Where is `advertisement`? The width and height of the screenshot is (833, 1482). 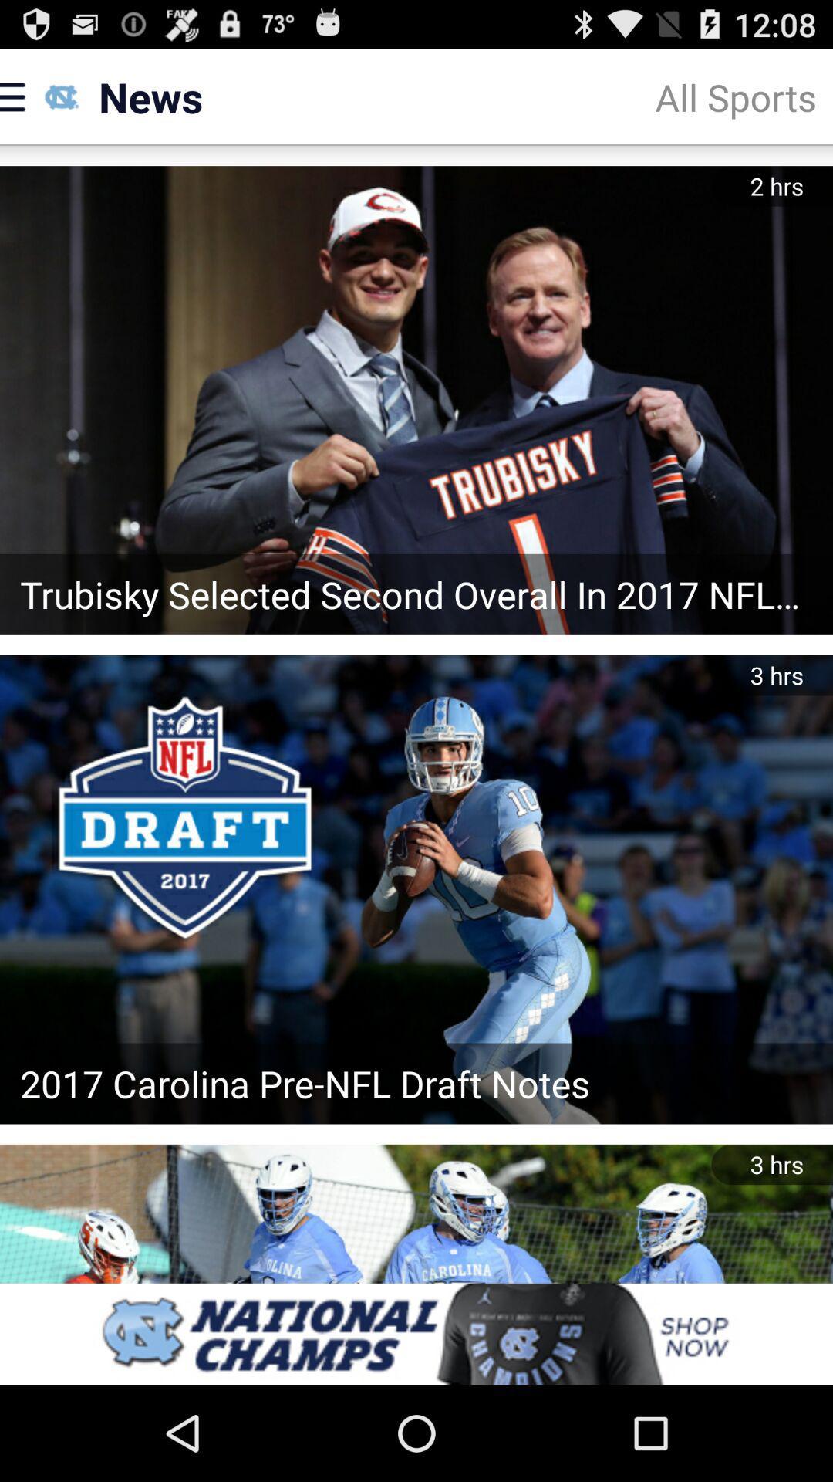
advertisement is located at coordinates (416, 1333).